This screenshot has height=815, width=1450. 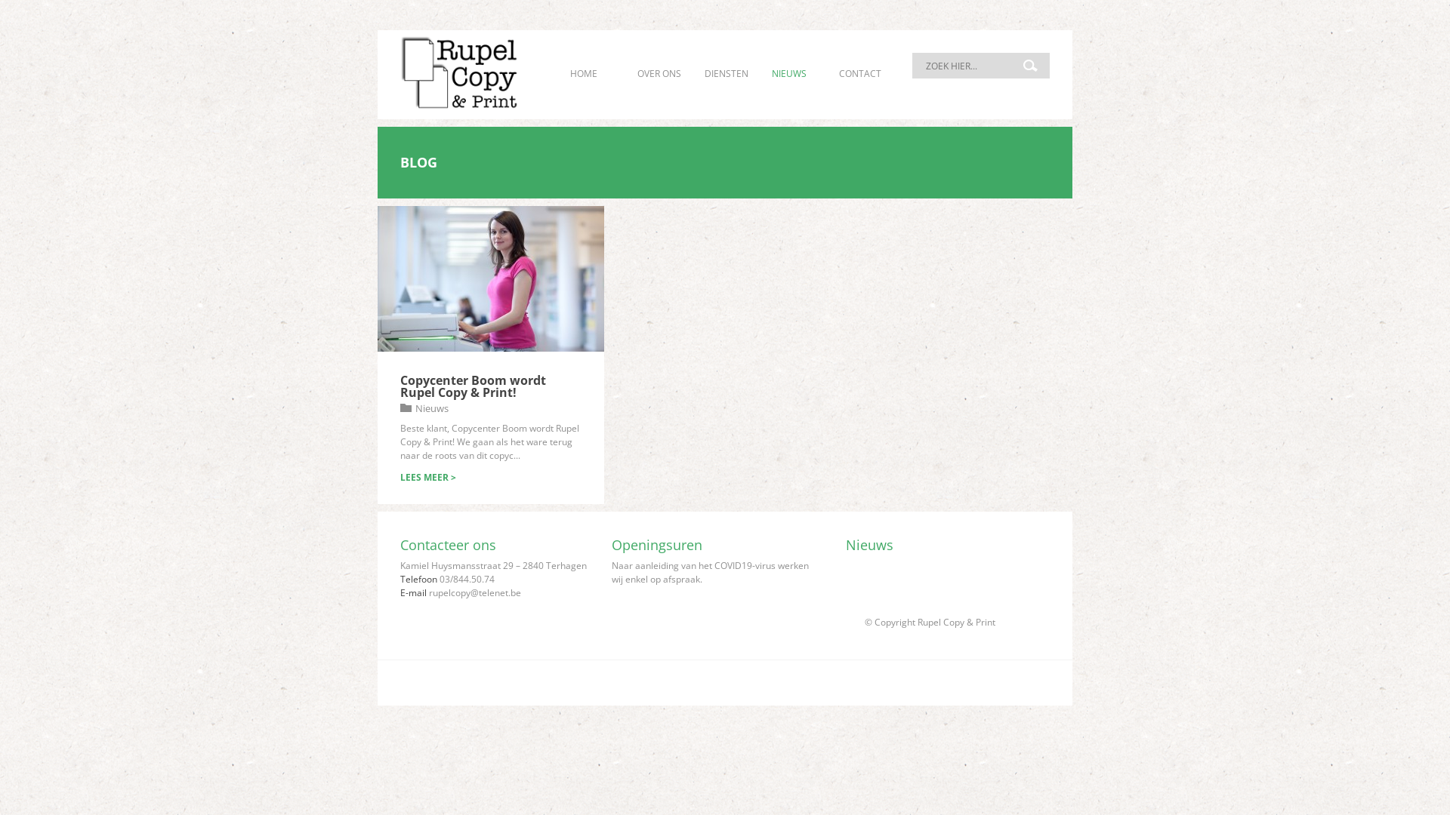 I want to click on 'CONTACT', so click(x=859, y=73).